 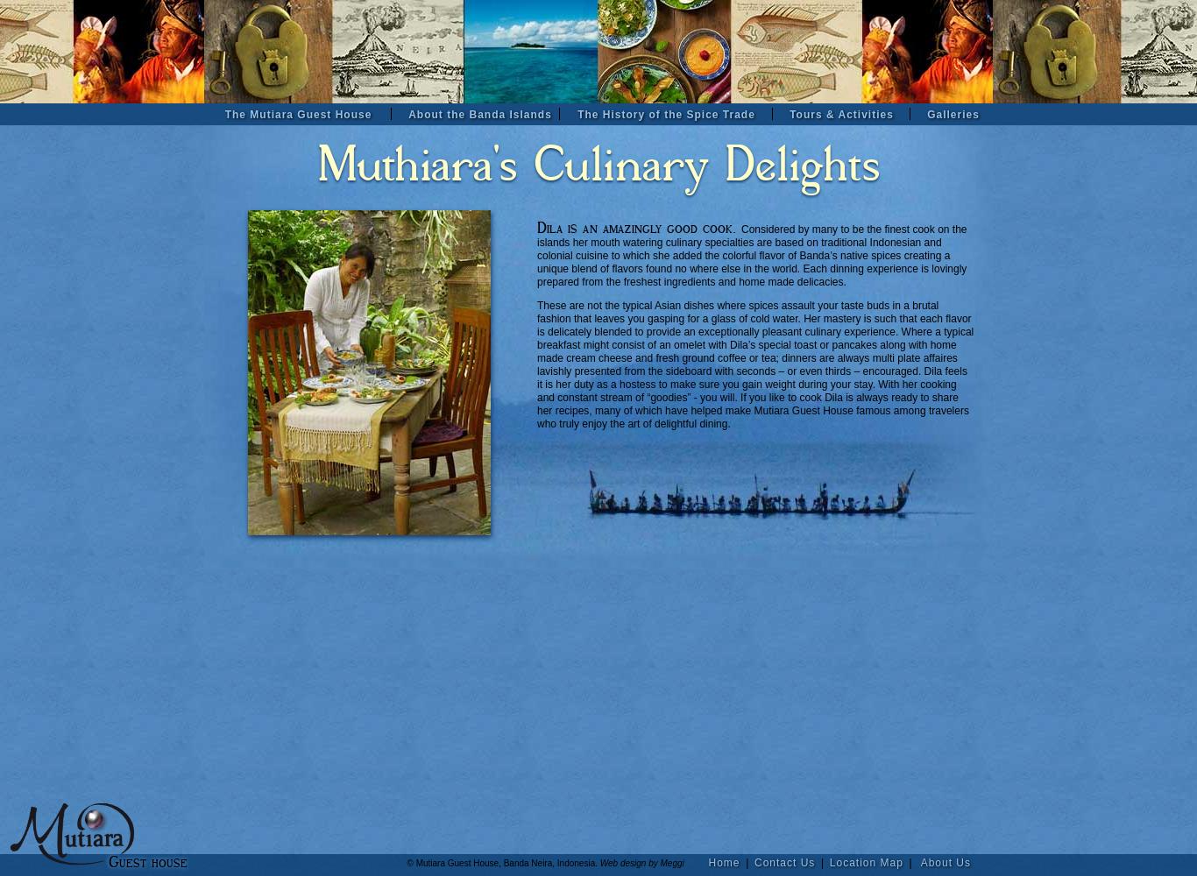 What do you see at coordinates (598, 167) in the screenshot?
I see `'Muthiara's Culinary Delights'` at bounding box center [598, 167].